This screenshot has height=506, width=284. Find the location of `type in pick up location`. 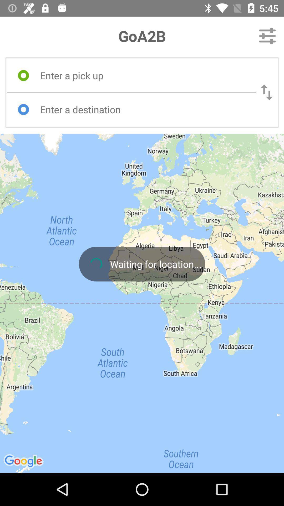

type in pick up location is located at coordinates (143, 75).